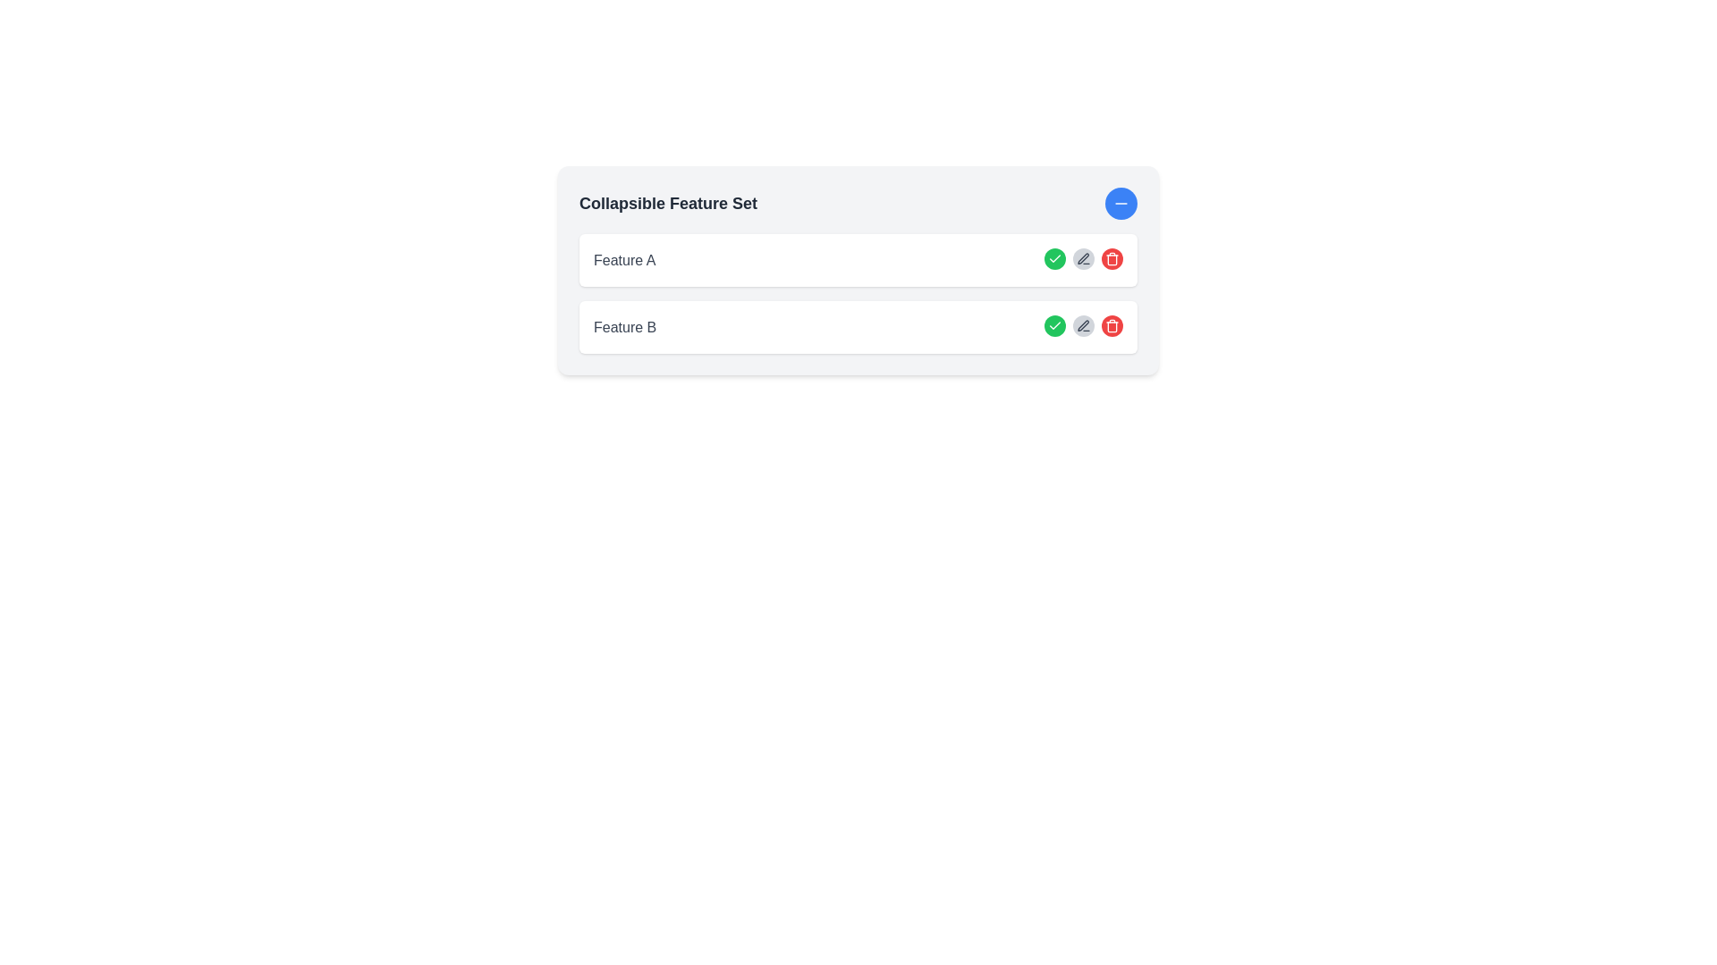  I want to click on the pen icon button located in the second row of actions for Feature B, so click(1081, 324).